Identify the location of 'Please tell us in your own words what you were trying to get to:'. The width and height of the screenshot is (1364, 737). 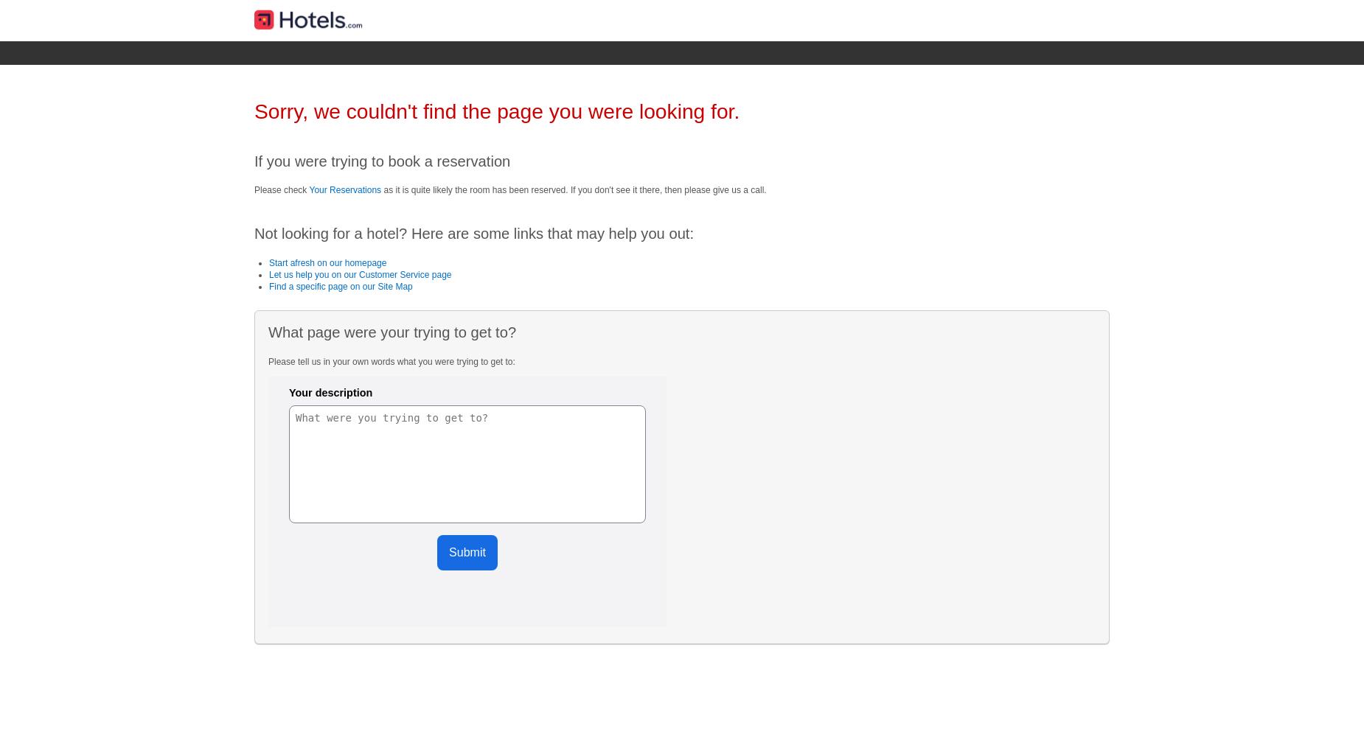
(391, 360).